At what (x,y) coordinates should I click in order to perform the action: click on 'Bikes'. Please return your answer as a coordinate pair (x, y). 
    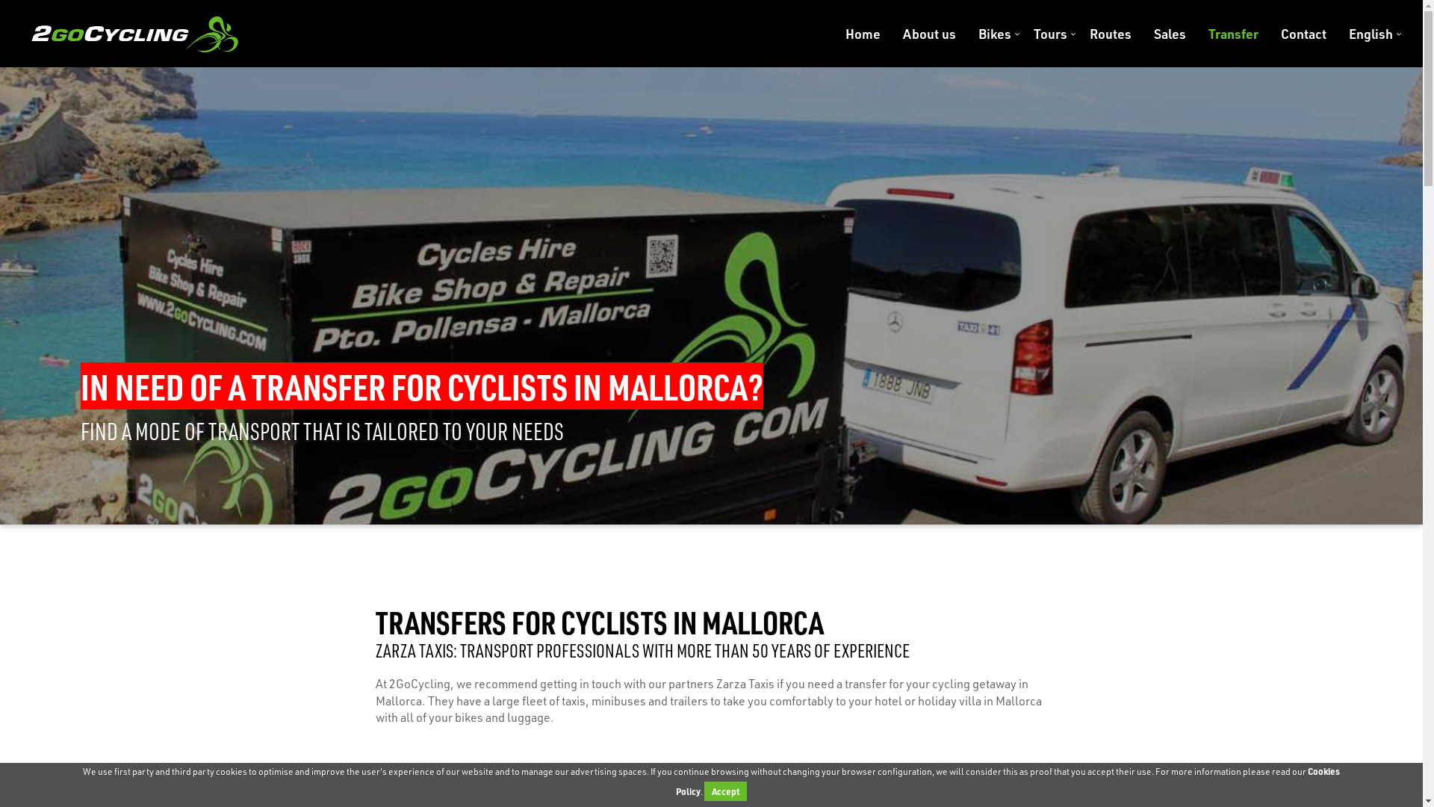
    Looking at the image, I should click on (994, 34).